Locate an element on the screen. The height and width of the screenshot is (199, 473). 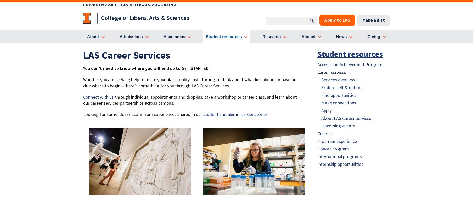
'student and alumni career stories' is located at coordinates (235, 114).